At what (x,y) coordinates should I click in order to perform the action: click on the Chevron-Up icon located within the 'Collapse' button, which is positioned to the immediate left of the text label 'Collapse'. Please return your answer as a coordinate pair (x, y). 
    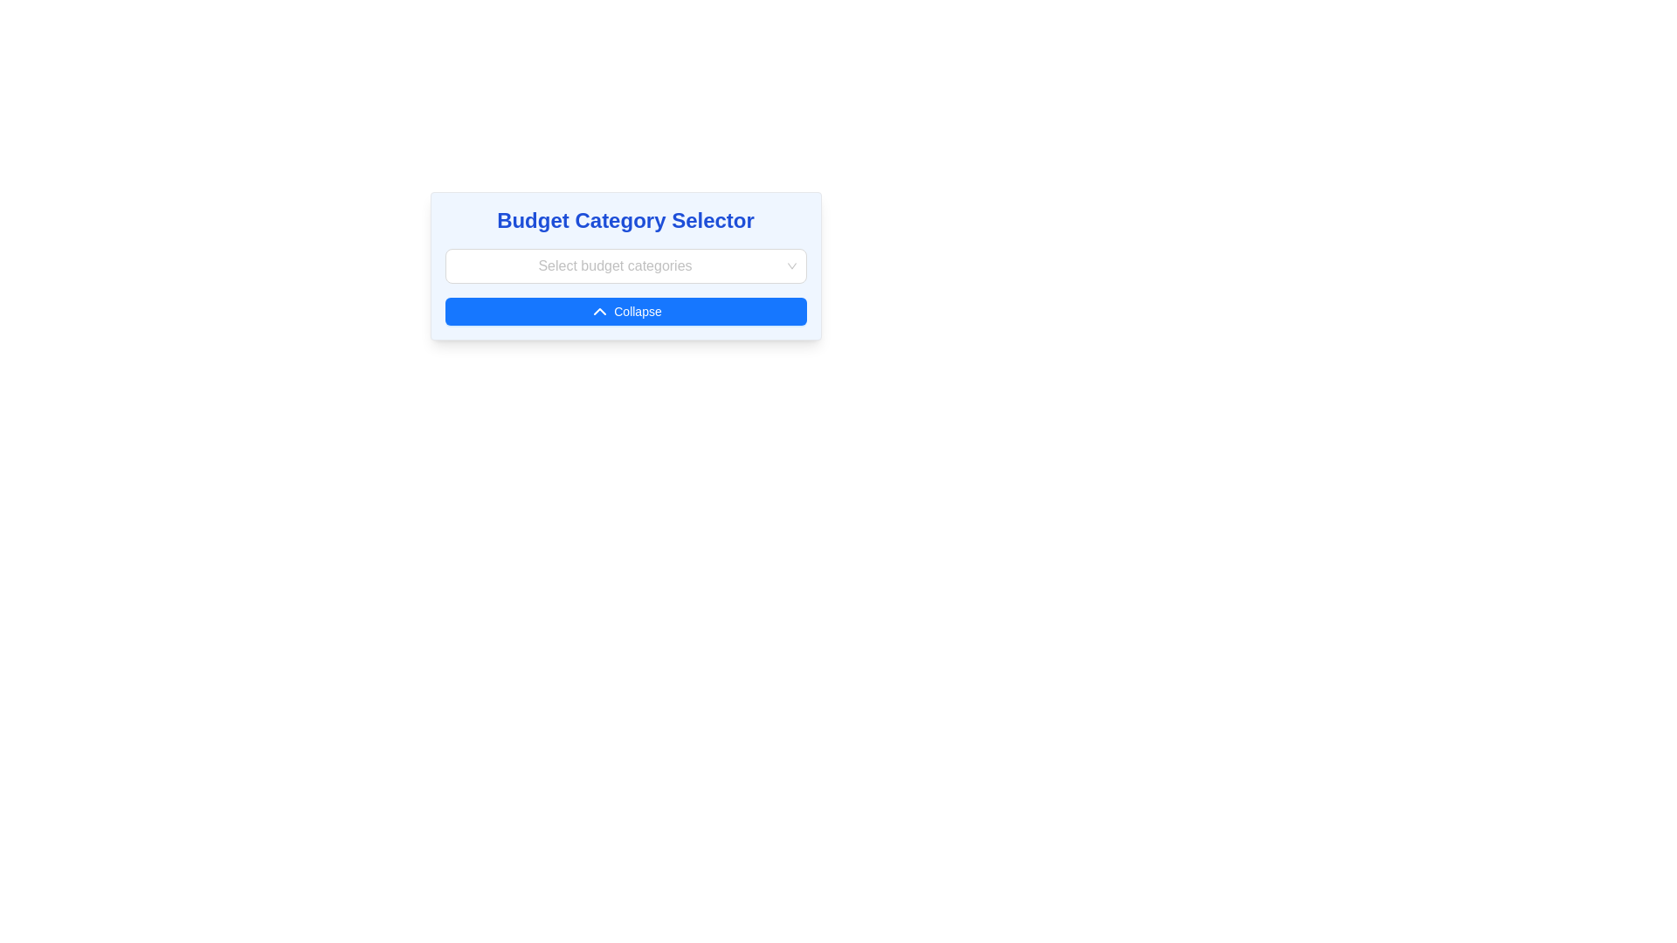
    Looking at the image, I should click on (600, 311).